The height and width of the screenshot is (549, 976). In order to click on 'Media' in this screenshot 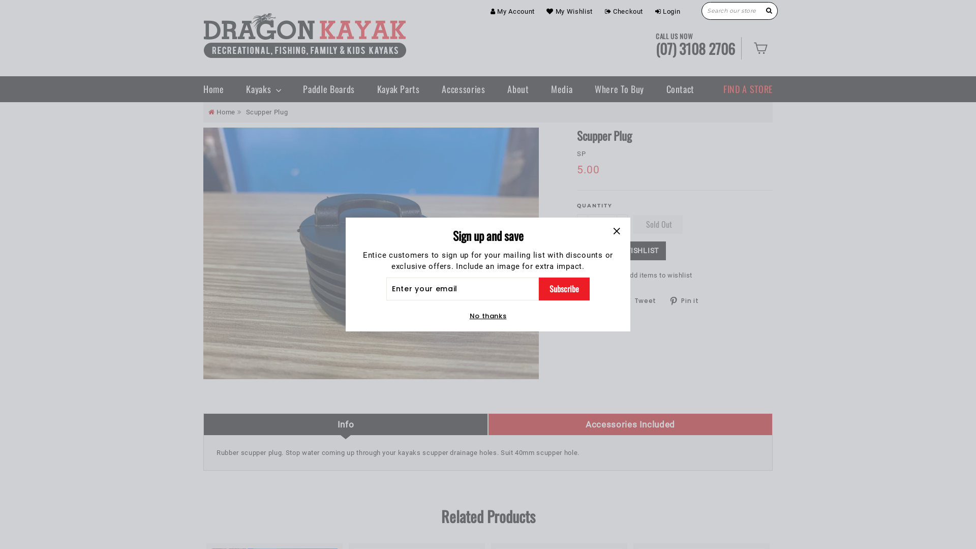, I will do `click(561, 88)`.